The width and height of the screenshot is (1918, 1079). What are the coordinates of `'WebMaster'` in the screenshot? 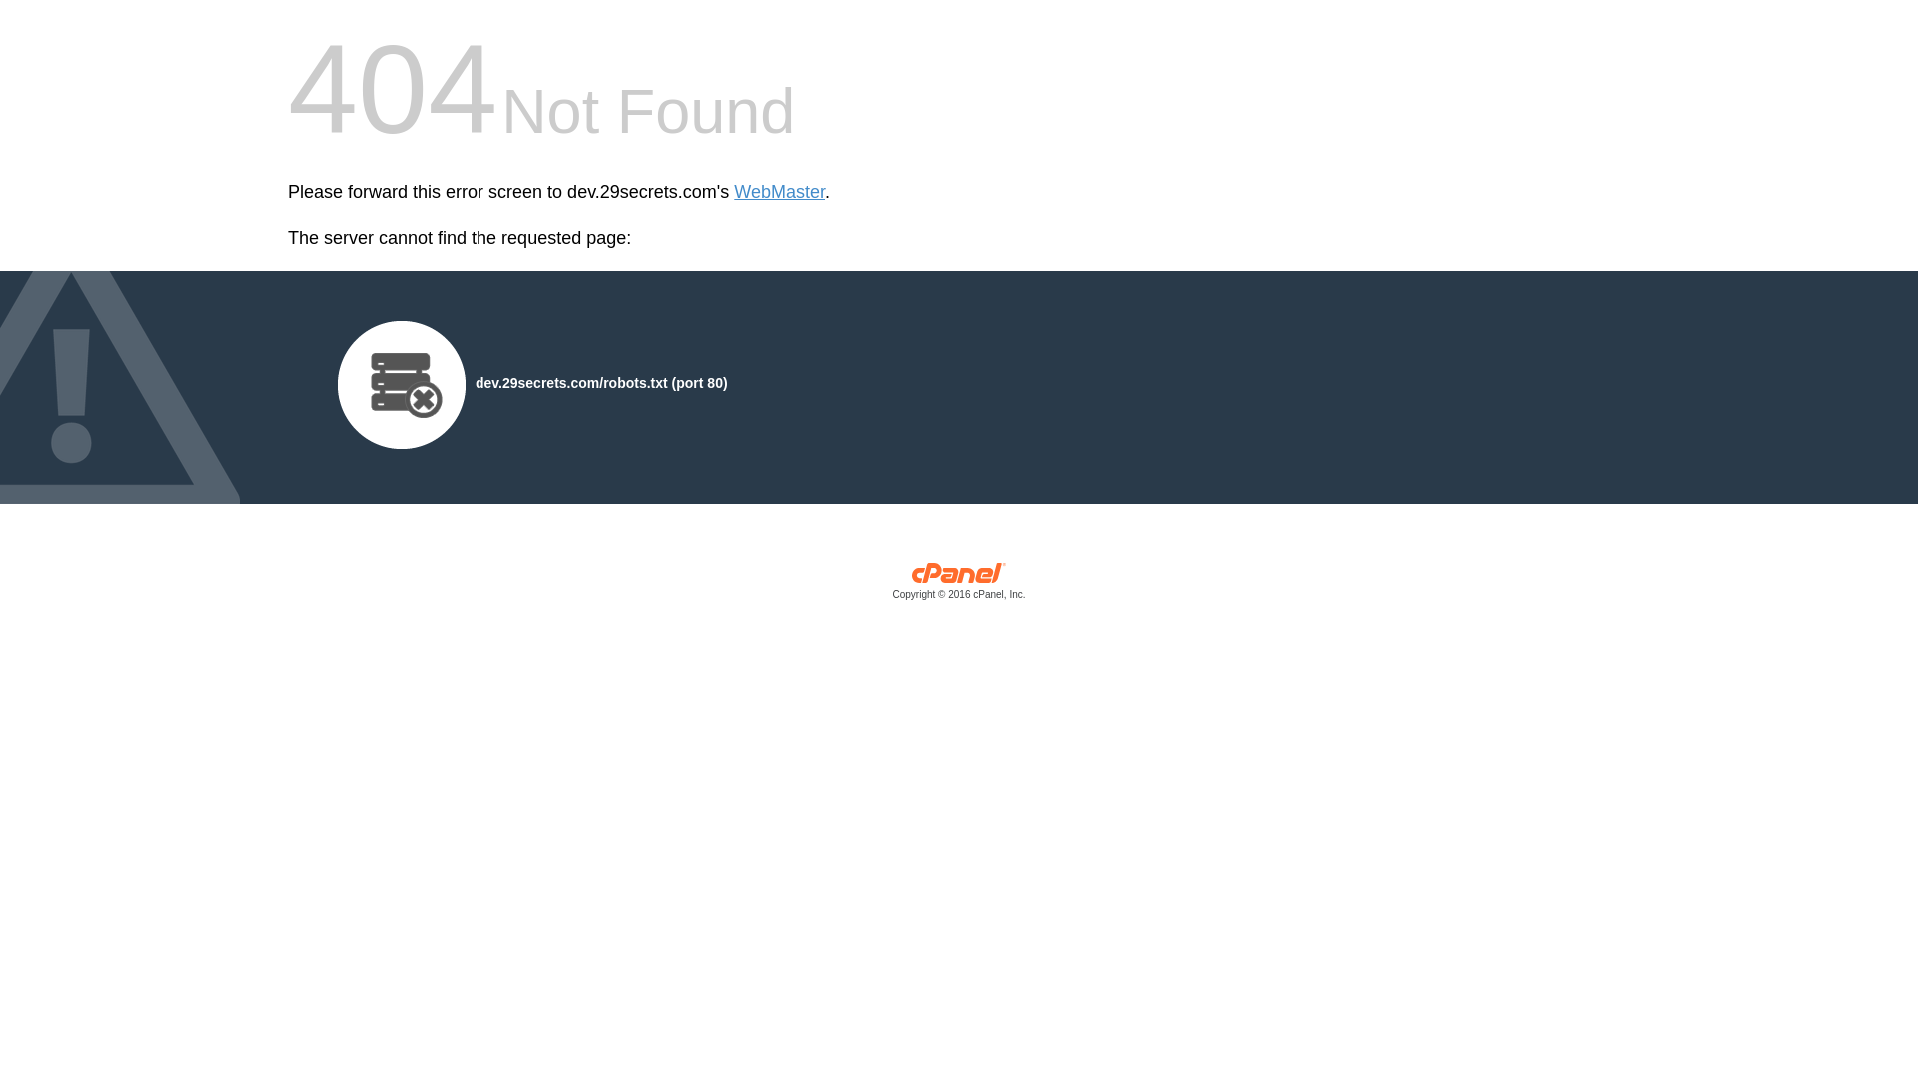 It's located at (778, 192).